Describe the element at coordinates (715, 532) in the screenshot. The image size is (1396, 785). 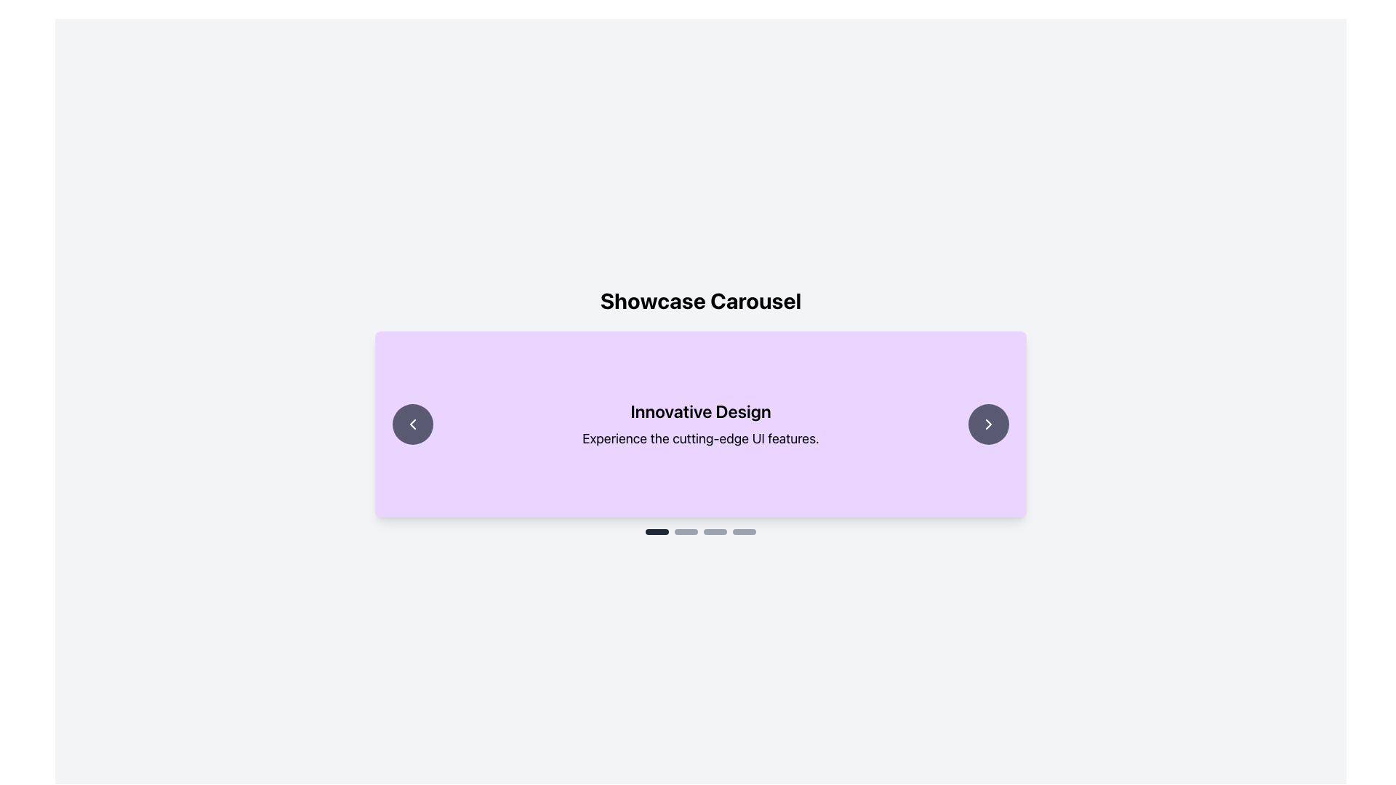
I see `the third carousel navigation indicator, which is a small horizontal bar with rounded ends, located below the 'Innovative Design' section` at that location.